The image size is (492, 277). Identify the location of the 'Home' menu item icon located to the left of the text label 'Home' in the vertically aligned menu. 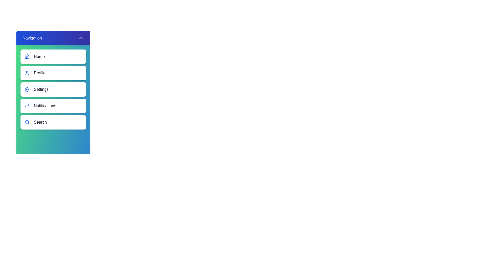
(27, 56).